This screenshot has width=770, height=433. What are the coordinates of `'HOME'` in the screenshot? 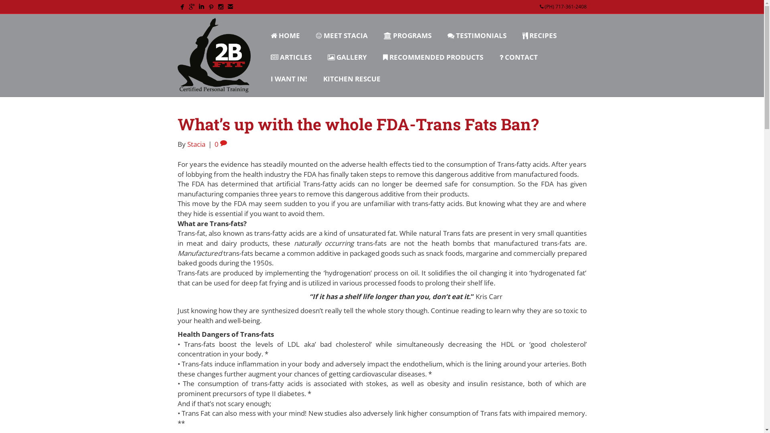 It's located at (285, 33).